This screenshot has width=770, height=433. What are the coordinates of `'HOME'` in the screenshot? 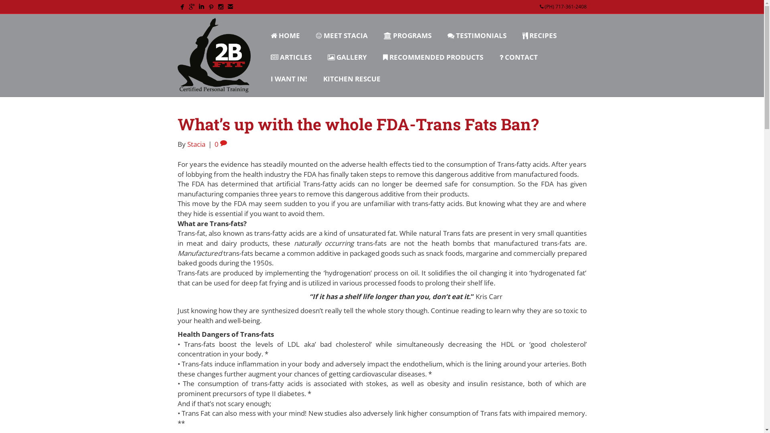 It's located at (285, 33).